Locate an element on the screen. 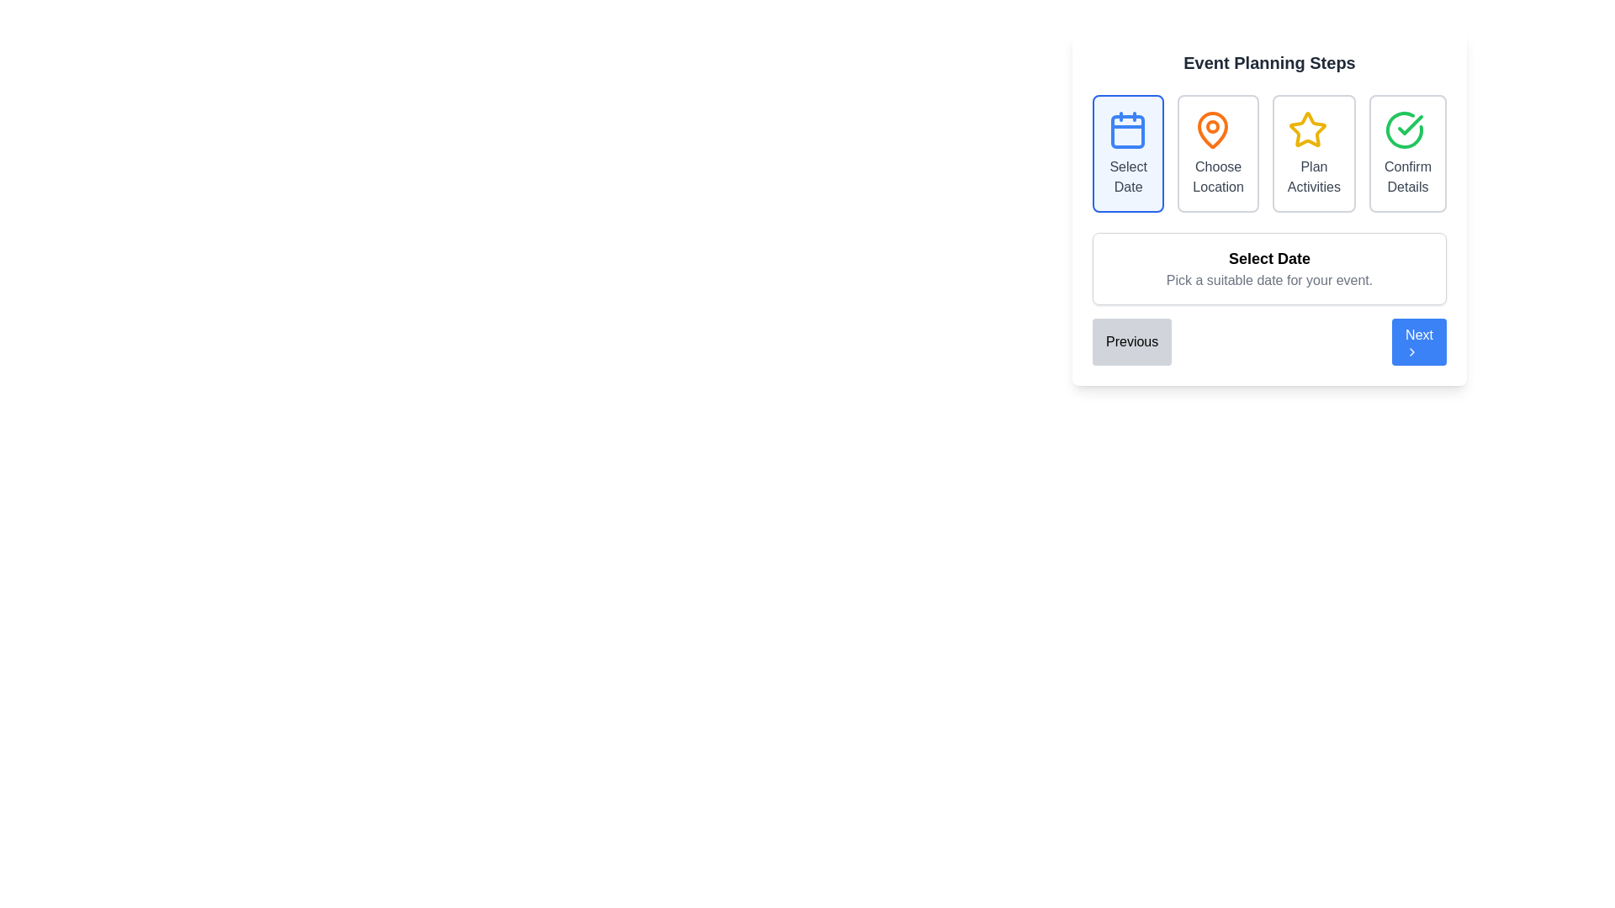 The width and height of the screenshot is (1615, 908). the descriptive header for the 'Select Date' step in the event planning process, which is located below the top row of icons and above the navigation buttons is located at coordinates (1269, 268).